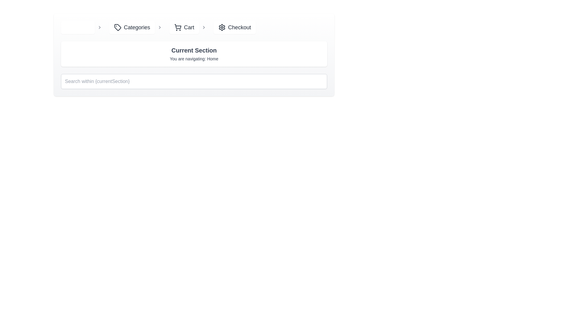 This screenshot has width=580, height=326. Describe the element at coordinates (239, 27) in the screenshot. I see `the Text Label located to the right of the gear icon for visual feedback in the Checkout section of the application` at that location.